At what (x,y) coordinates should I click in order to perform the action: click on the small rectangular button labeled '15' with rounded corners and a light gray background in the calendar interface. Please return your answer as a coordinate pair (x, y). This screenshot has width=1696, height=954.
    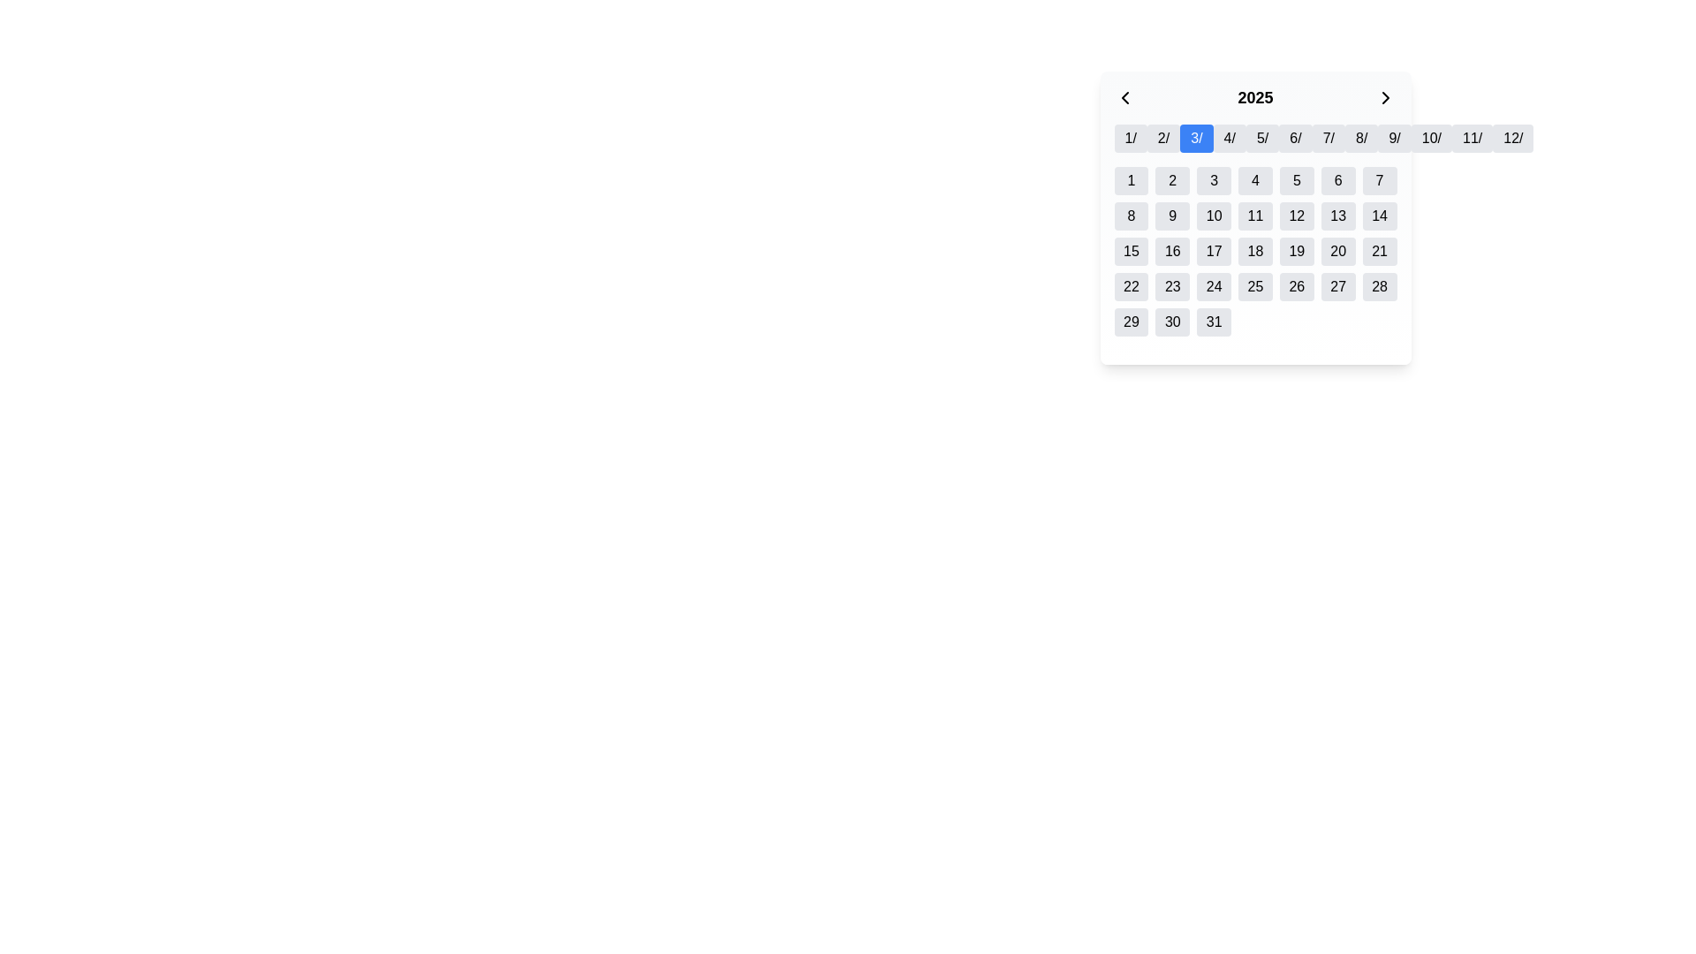
    Looking at the image, I should click on (1131, 252).